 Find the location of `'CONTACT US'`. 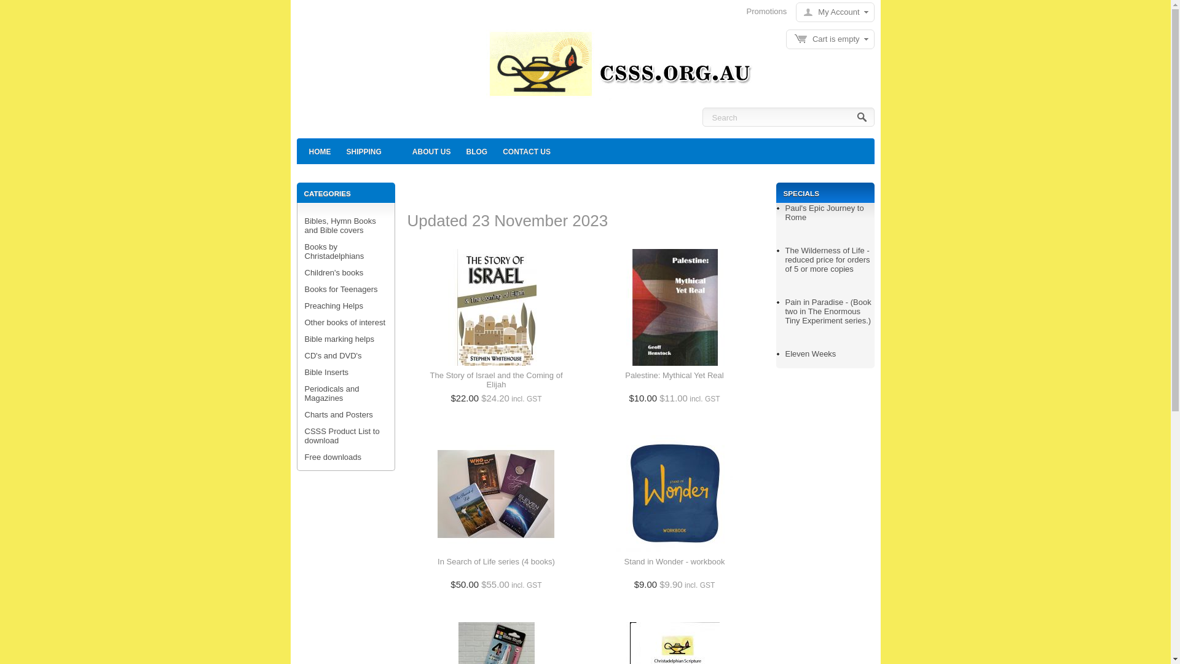

'CONTACT US' is located at coordinates (527, 151).